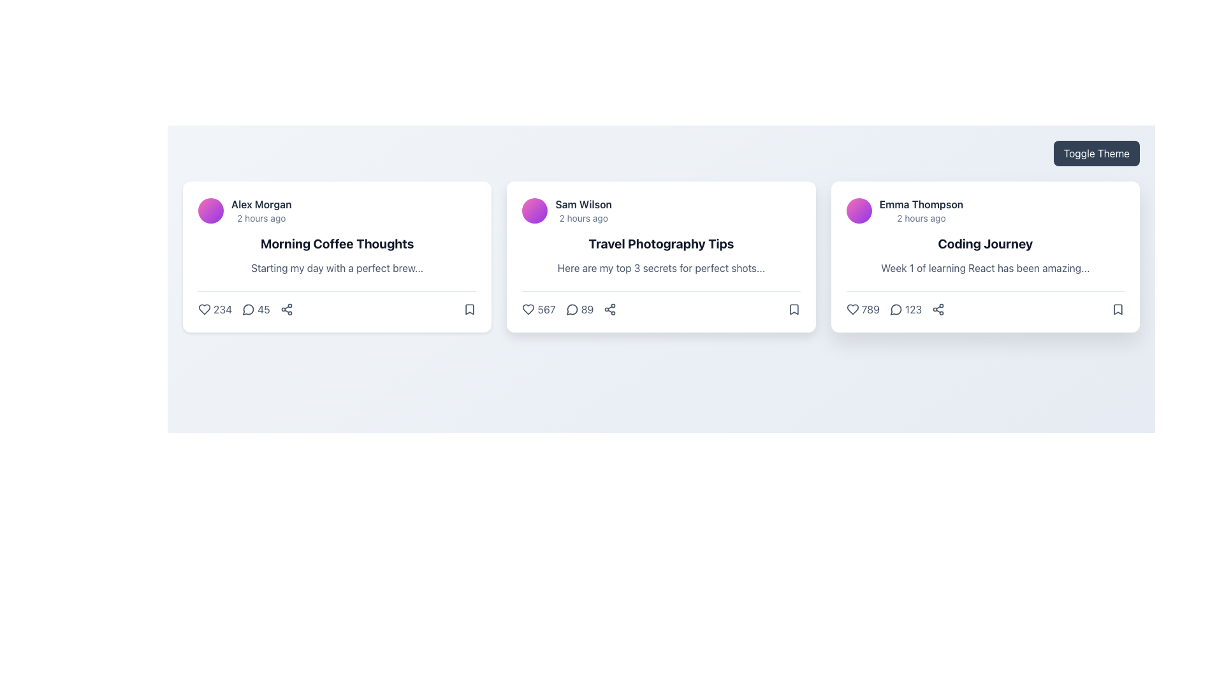  I want to click on on the circular speech bubble icon located in the rightmost card's icon group below the main content, so click(895, 310).